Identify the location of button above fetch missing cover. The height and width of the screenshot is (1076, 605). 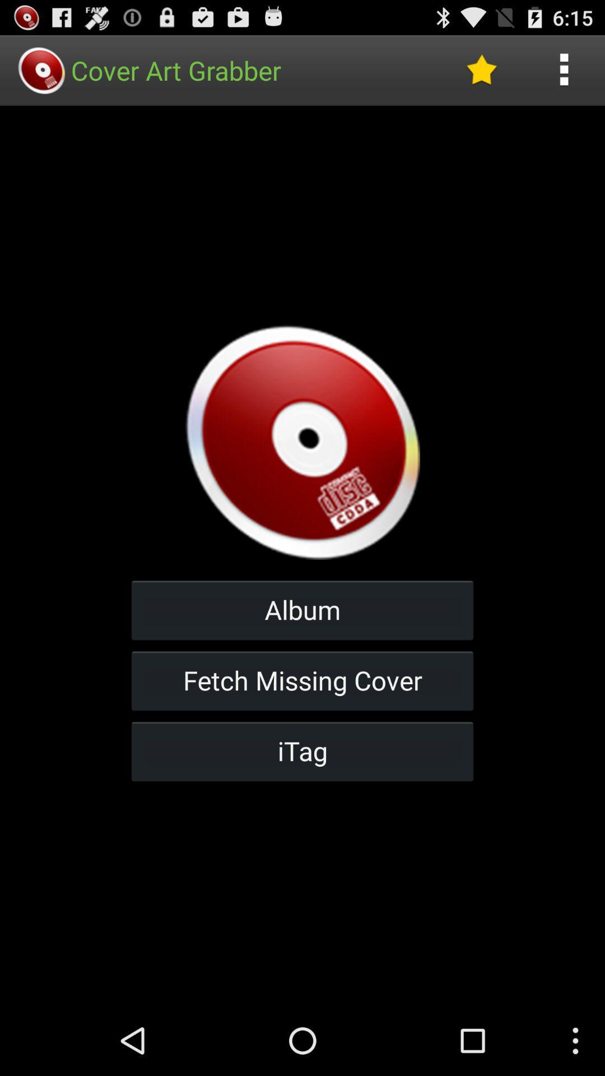
(302, 609).